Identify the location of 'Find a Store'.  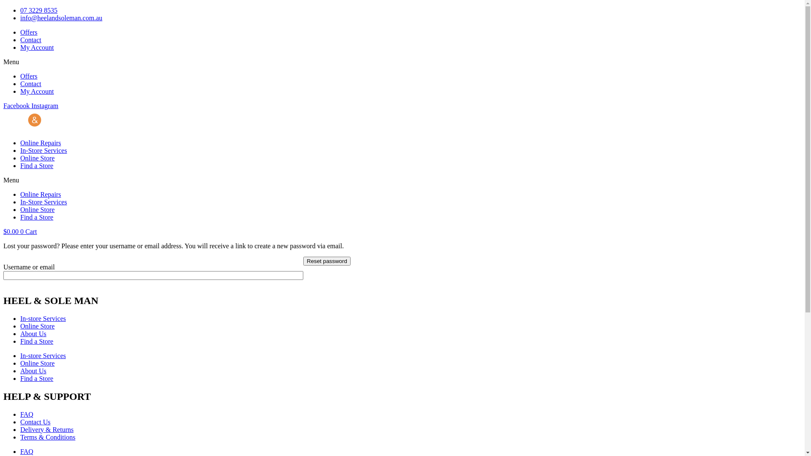
(36, 217).